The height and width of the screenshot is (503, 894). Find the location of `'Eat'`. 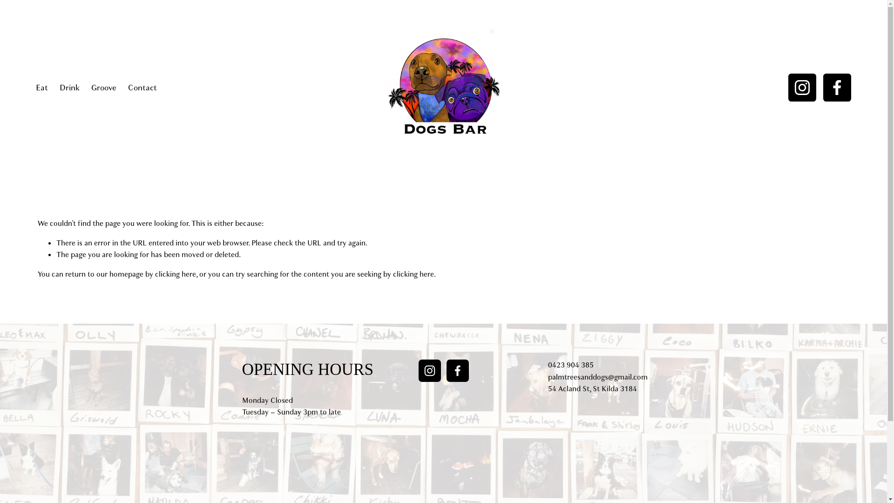

'Eat' is located at coordinates (41, 88).